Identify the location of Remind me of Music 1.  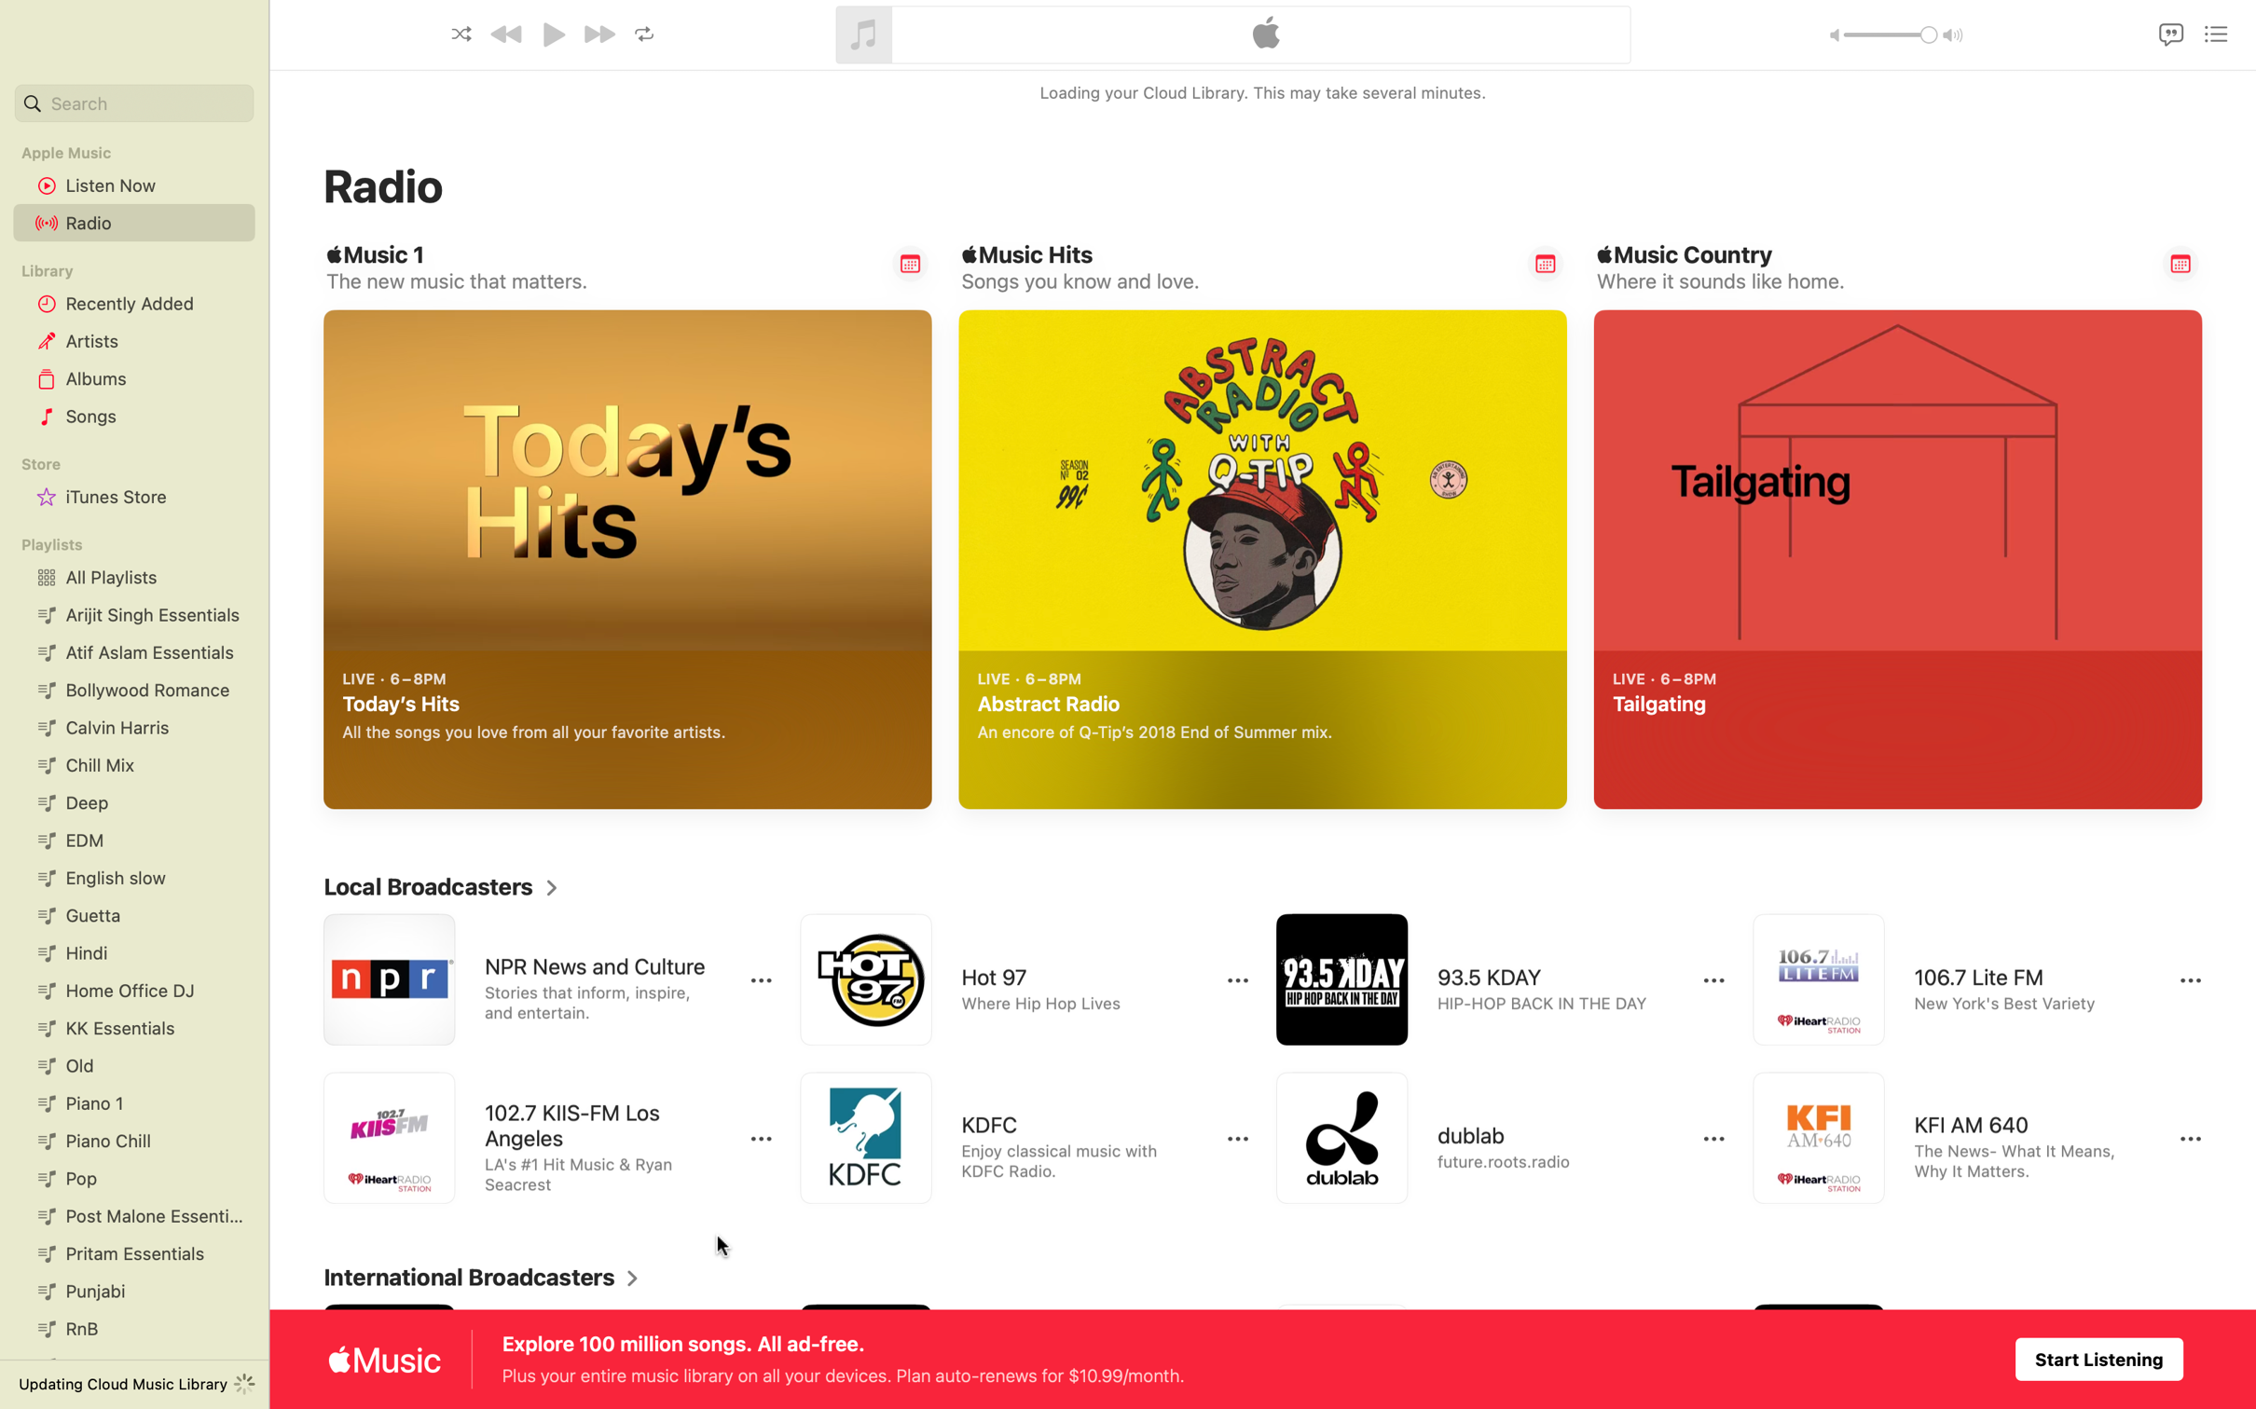
(910, 263).